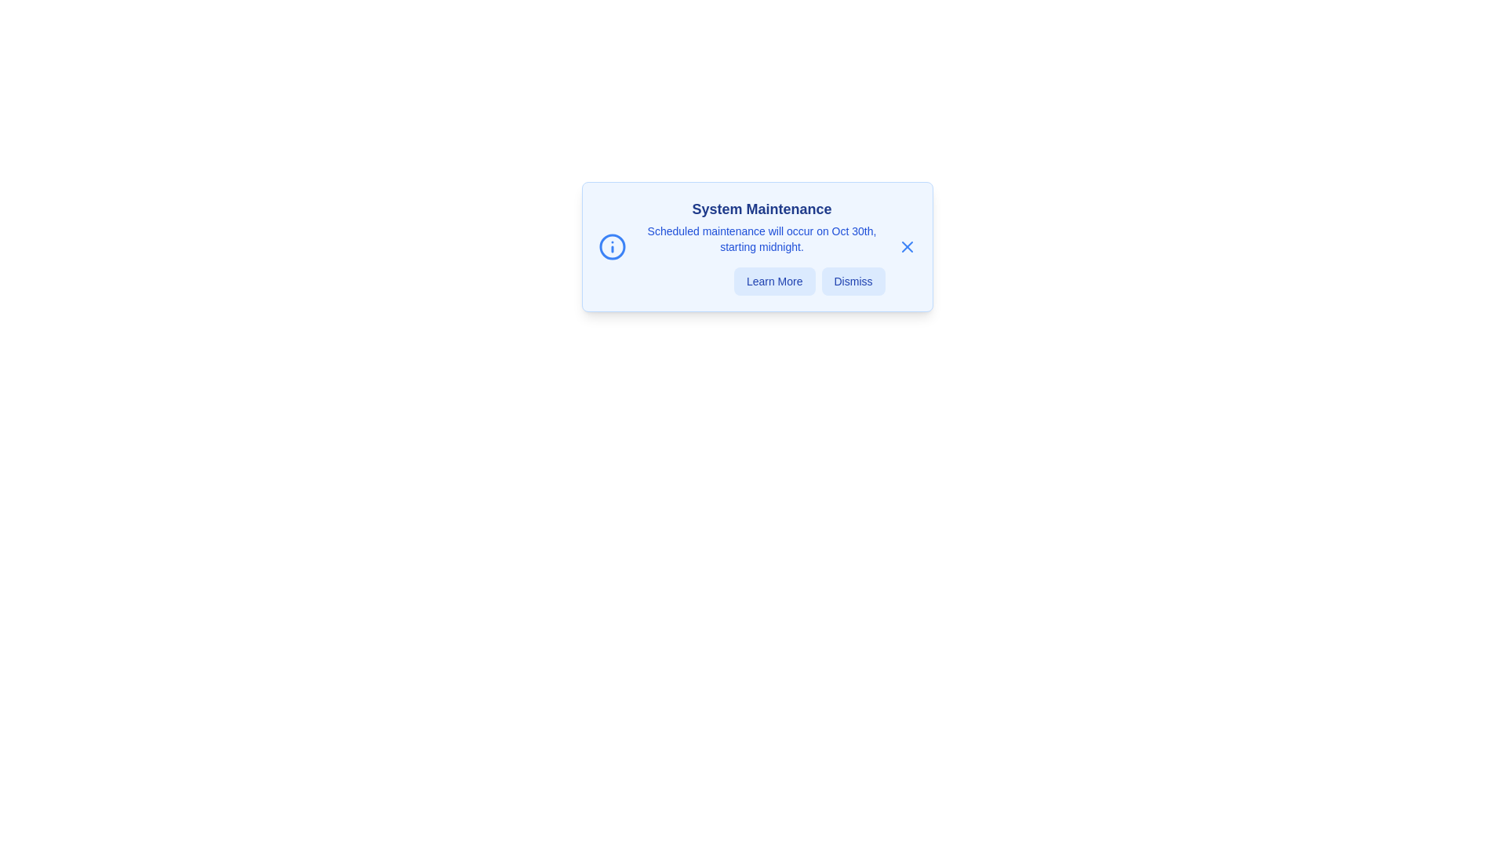 This screenshot has width=1506, height=847. I want to click on the text block that informs users about upcoming maintenance details, located below the 'System Maintenance' title and above the 'Learn More' and 'Dismiss' buttons, so click(762, 238).